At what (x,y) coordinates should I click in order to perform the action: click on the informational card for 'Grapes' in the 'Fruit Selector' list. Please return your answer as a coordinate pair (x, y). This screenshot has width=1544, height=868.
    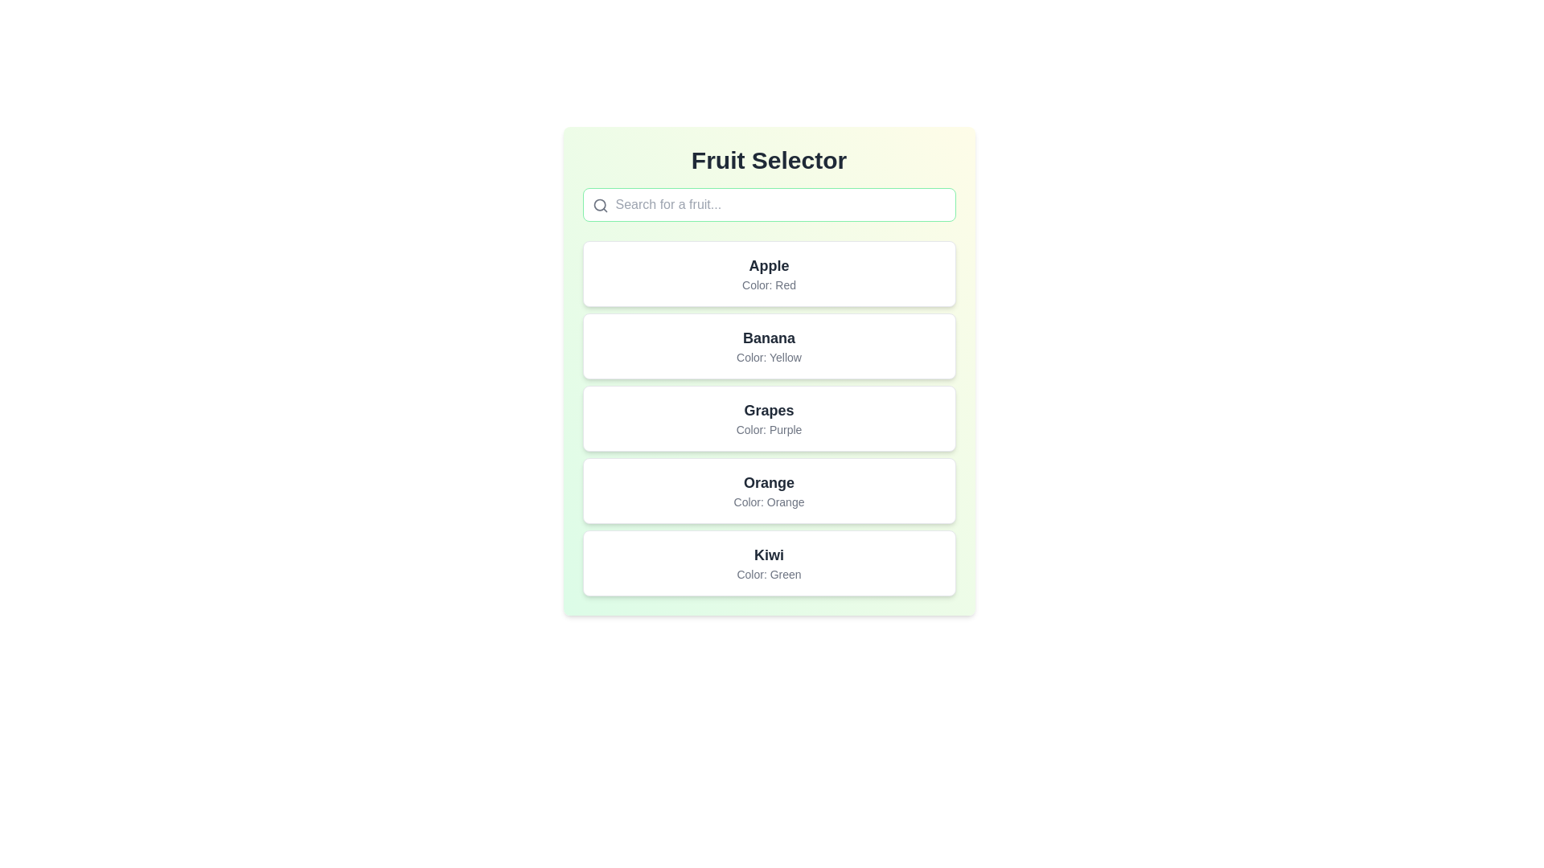
    Looking at the image, I should click on (768, 417).